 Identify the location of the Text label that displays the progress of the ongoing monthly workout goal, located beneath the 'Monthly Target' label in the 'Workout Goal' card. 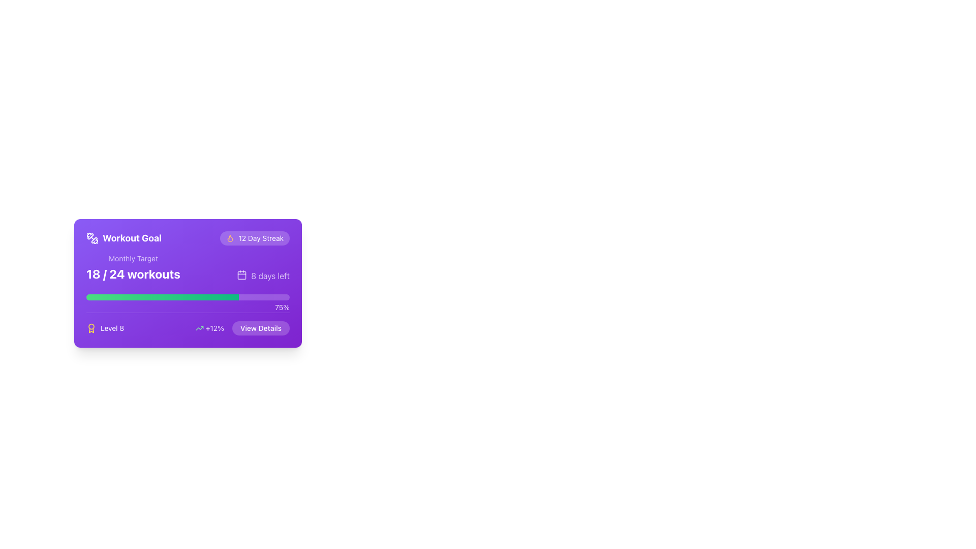
(133, 273).